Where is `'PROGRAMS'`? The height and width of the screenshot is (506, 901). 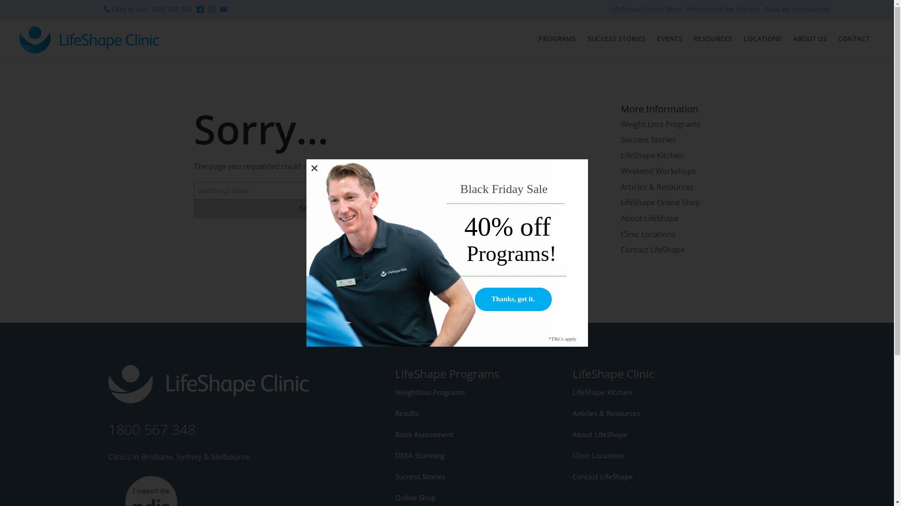
'PROGRAMS' is located at coordinates (557, 38).